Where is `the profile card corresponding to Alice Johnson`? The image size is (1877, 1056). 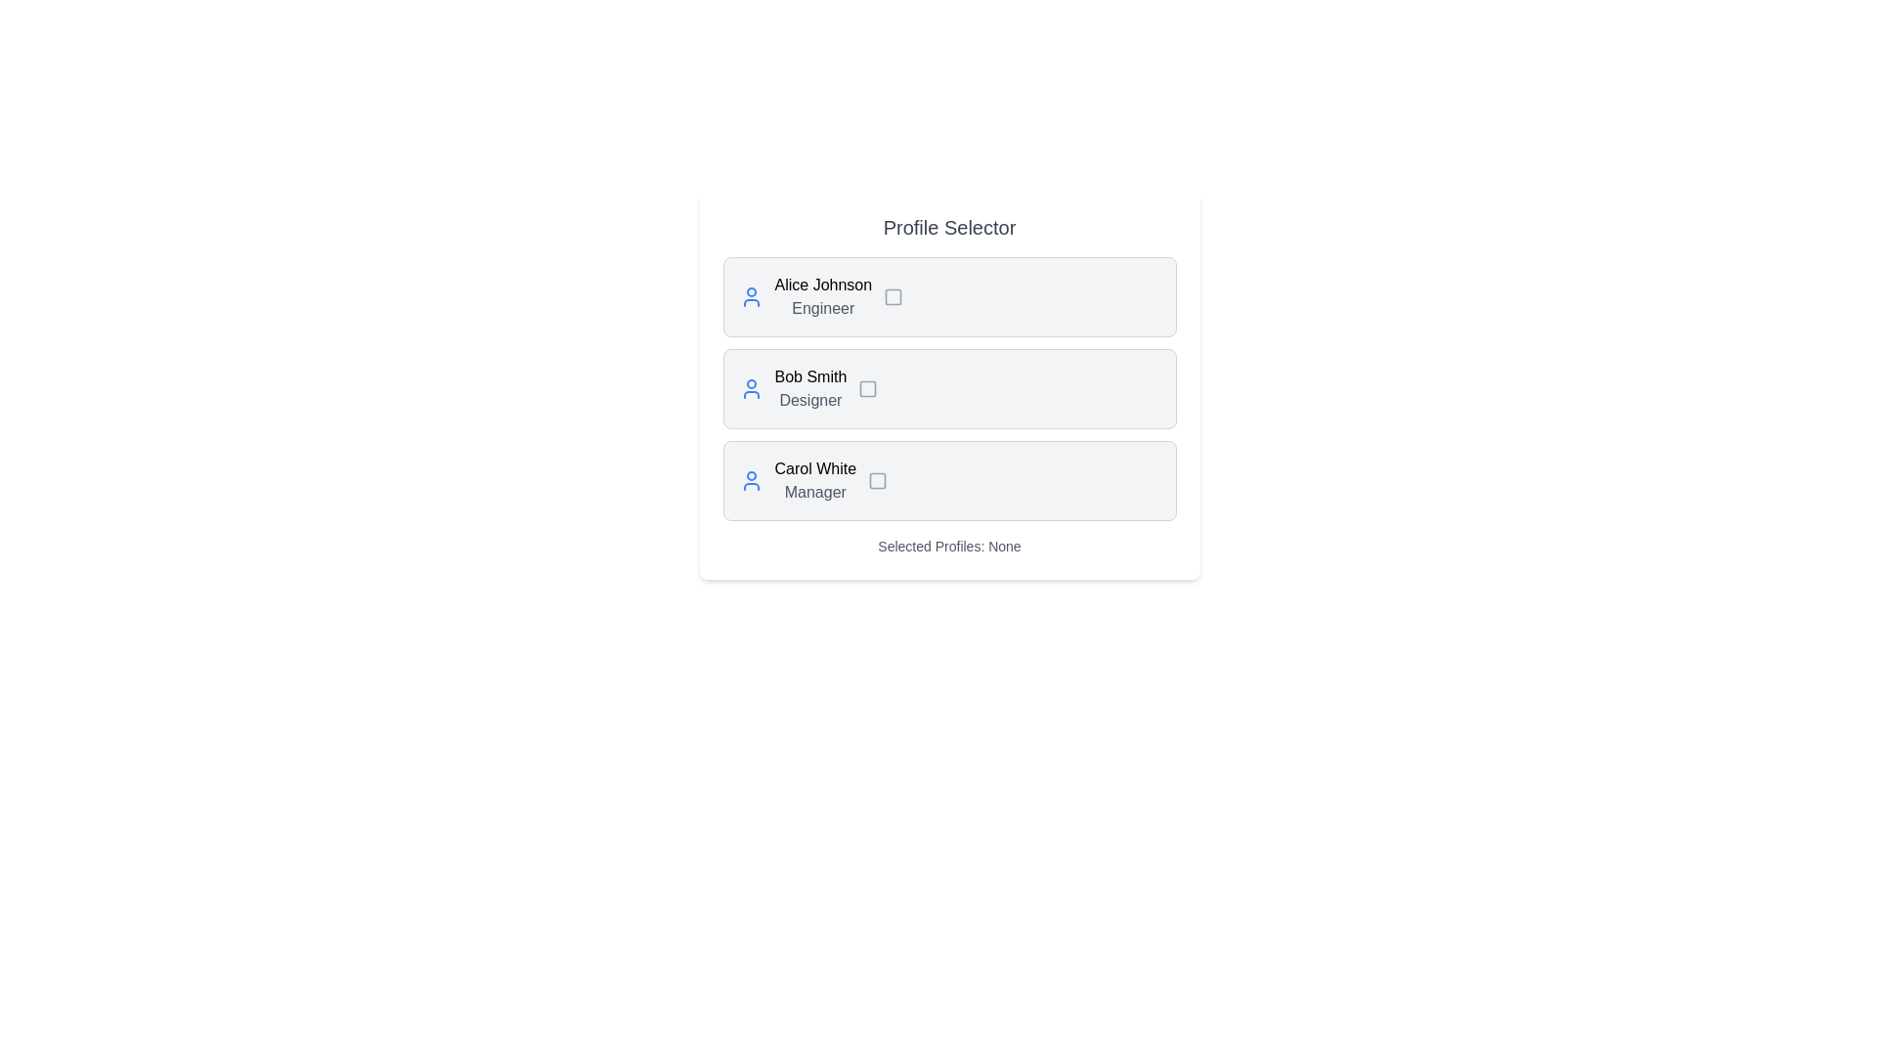
the profile card corresponding to Alice Johnson is located at coordinates (949, 297).